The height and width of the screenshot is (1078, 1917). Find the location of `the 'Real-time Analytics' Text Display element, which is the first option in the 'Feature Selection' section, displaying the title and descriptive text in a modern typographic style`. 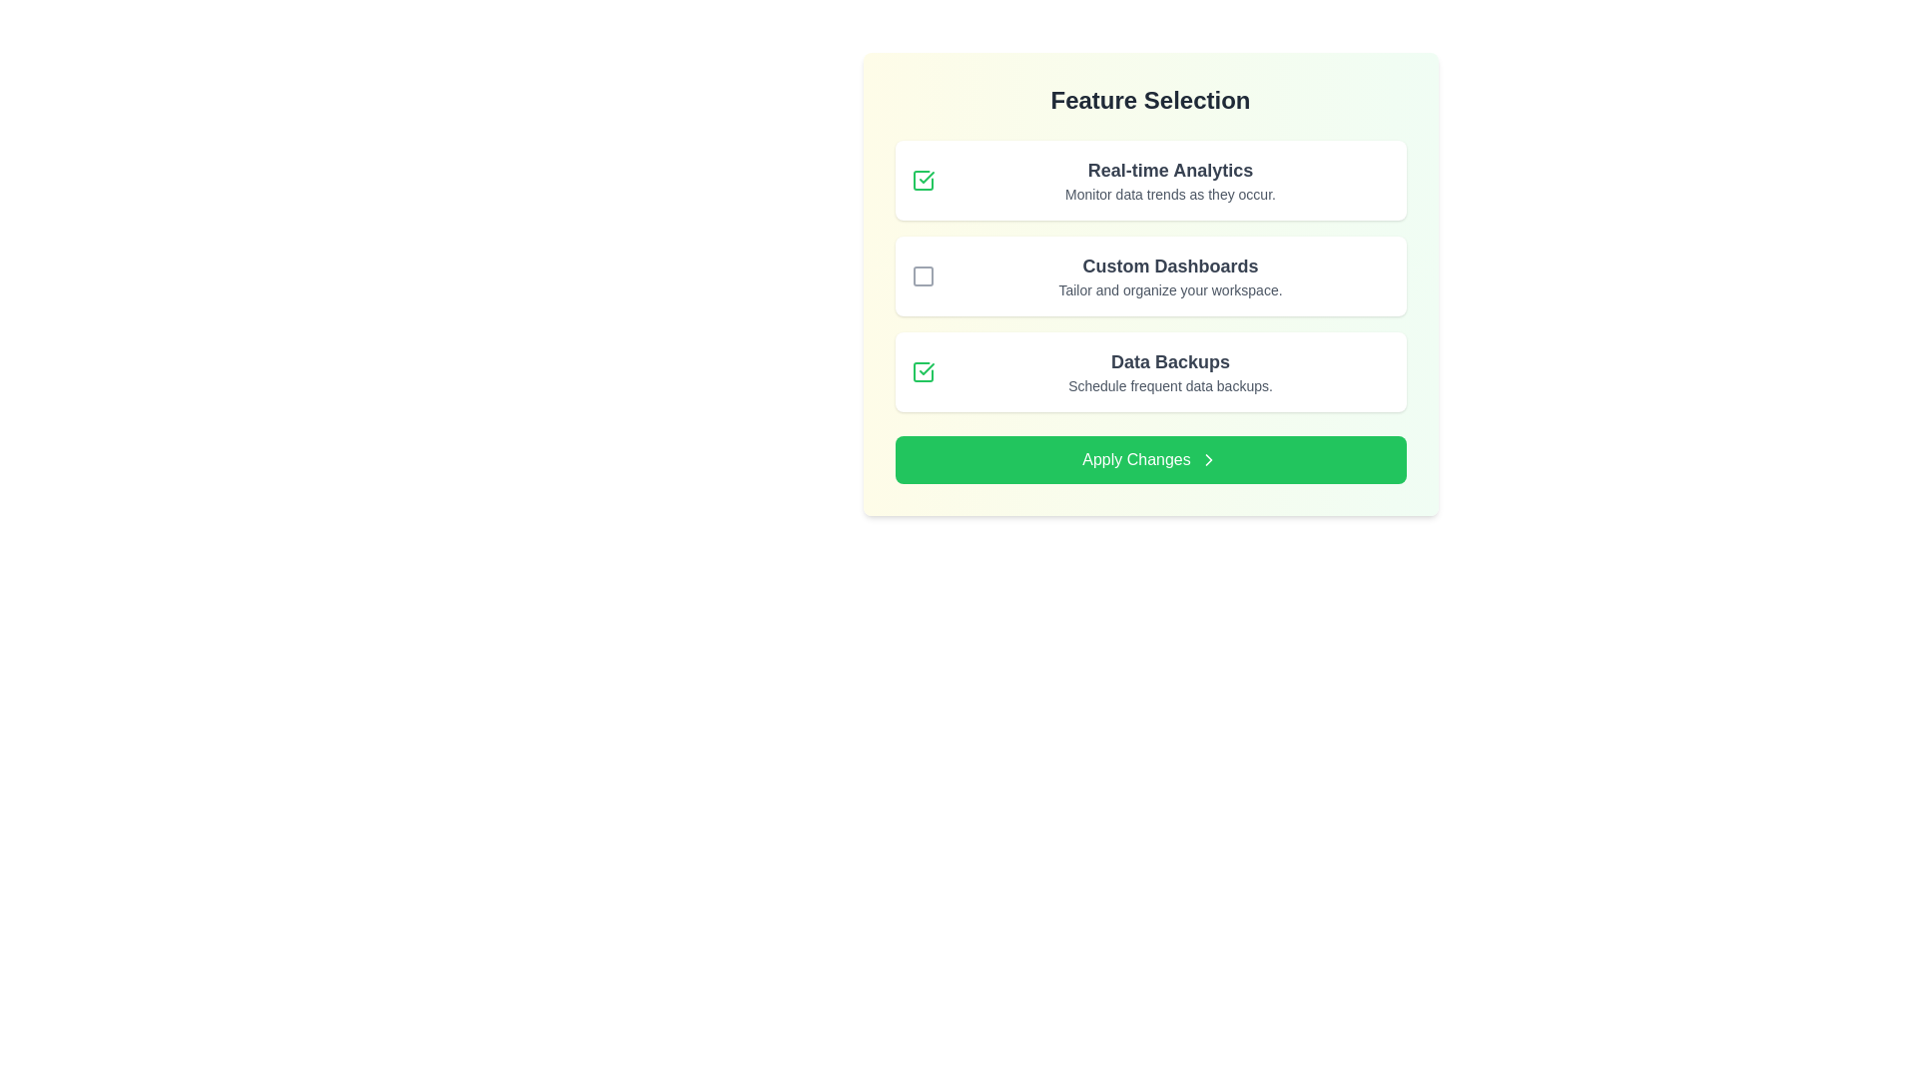

the 'Real-time Analytics' Text Display element, which is the first option in the 'Feature Selection' section, displaying the title and descriptive text in a modern typographic style is located at coordinates (1170, 181).